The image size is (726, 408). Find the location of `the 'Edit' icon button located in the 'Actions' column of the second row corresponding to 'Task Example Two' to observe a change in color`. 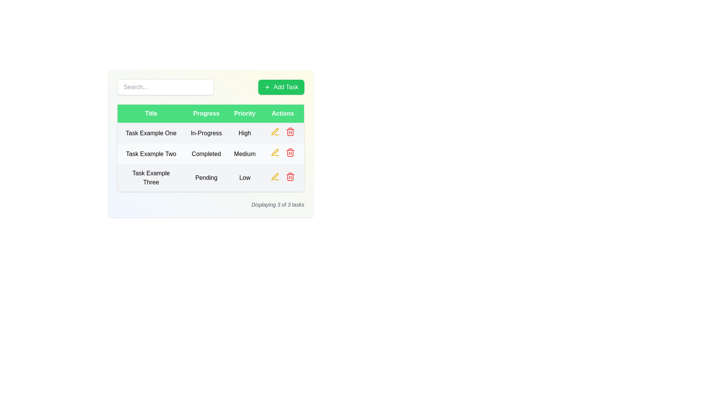

the 'Edit' icon button located in the 'Actions' column of the second row corresponding to 'Task Example Two' to observe a change in color is located at coordinates (275, 153).